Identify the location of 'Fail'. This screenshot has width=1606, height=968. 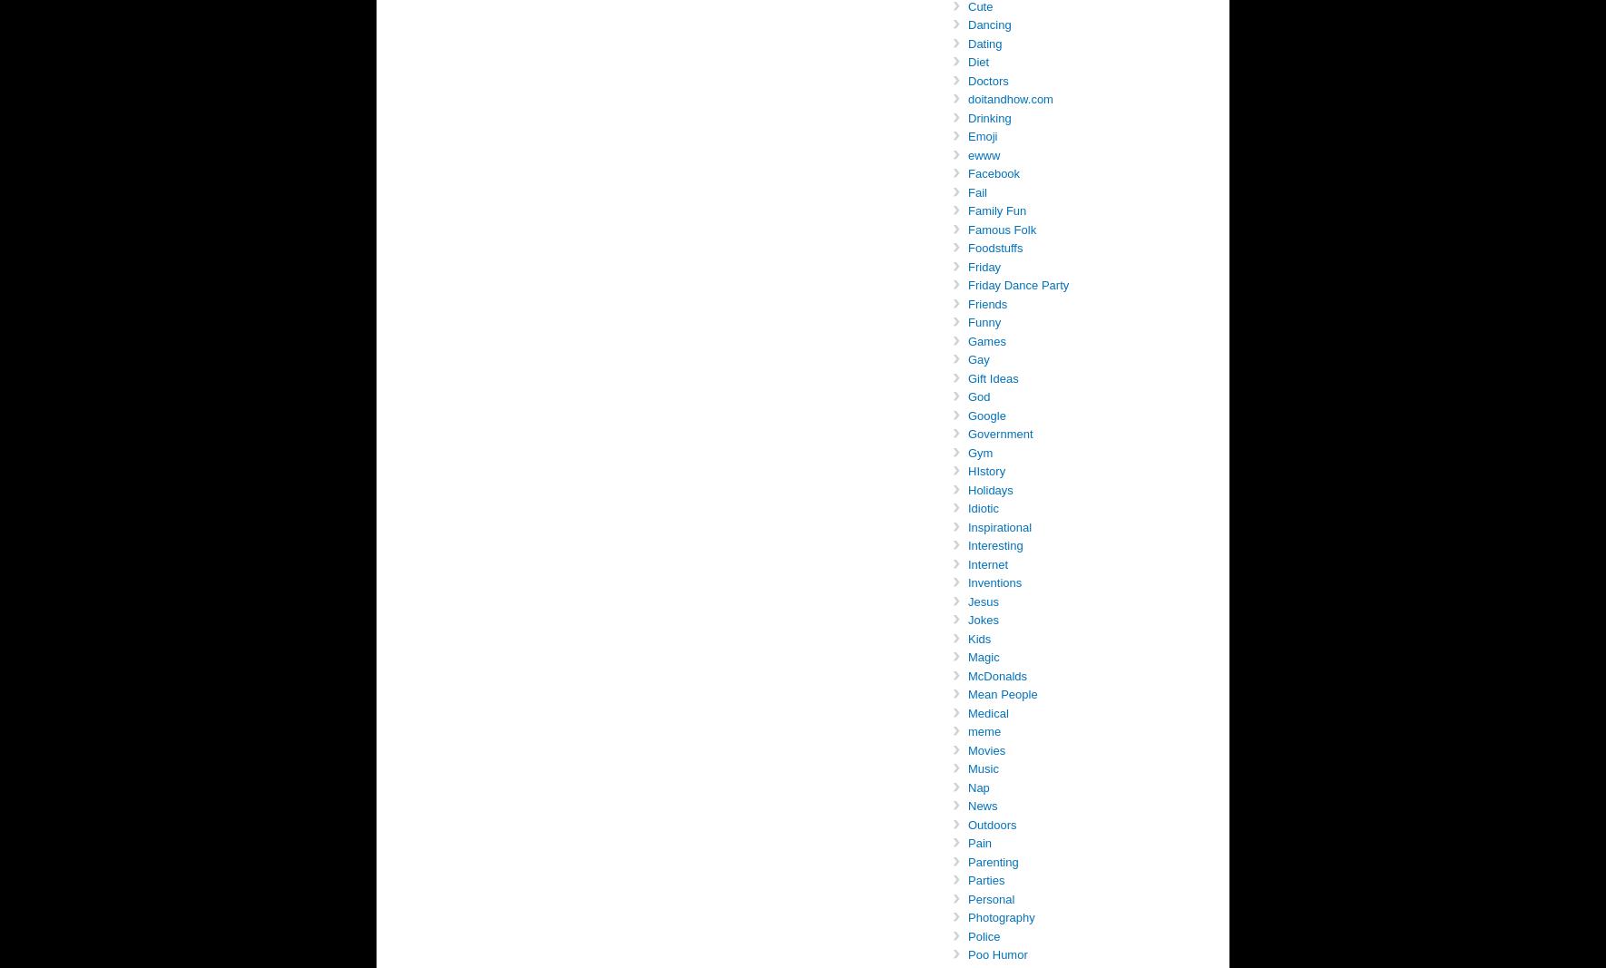
(967, 191).